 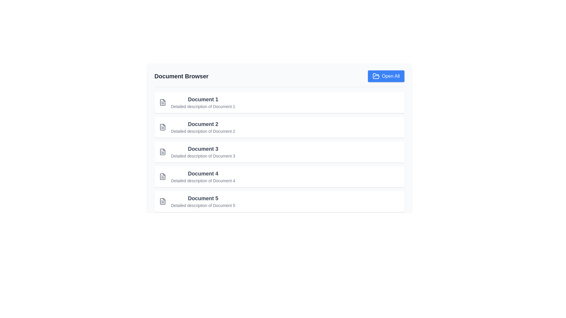 I want to click on the text label that reads 'Detailed description of Document 2', which is styled with a smaller font size and lighter gray color, located directly below the bold text 'Document 2', so click(x=203, y=131).